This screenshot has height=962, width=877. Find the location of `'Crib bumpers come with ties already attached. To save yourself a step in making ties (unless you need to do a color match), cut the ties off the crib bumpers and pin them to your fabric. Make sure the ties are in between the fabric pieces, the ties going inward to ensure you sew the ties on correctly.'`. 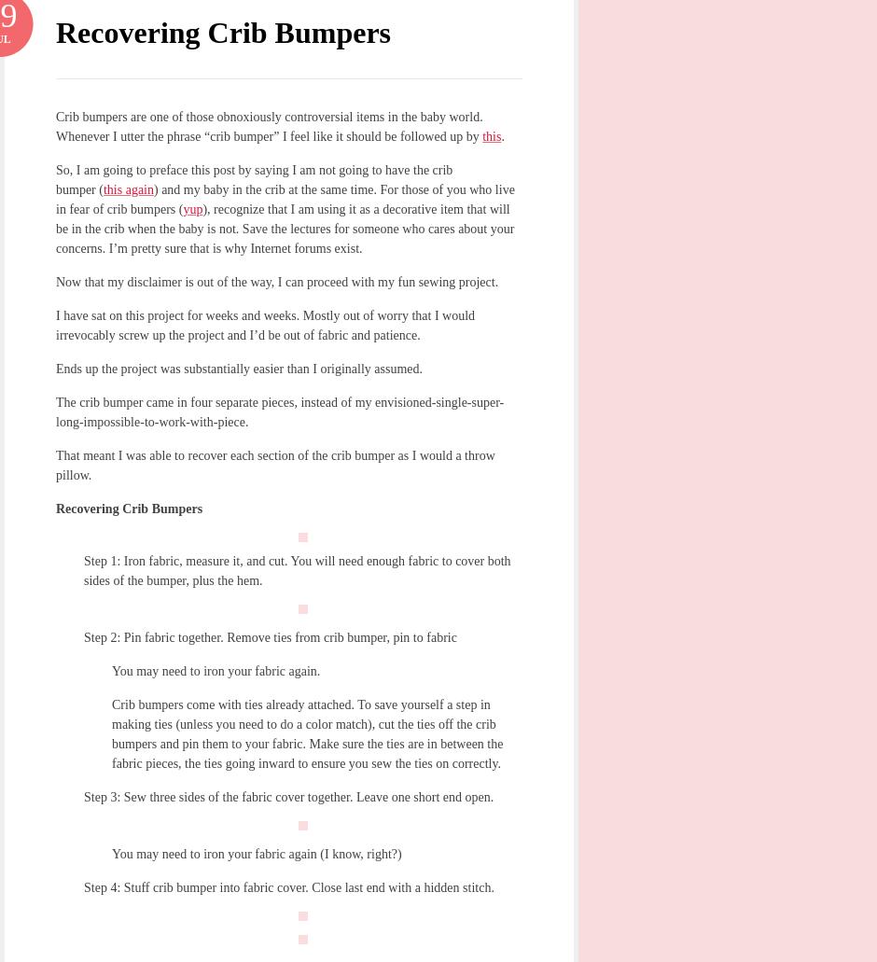

'Crib bumpers come with ties already attached. To save yourself a step in making ties (unless you need to do a color match), cut the ties off the crib bumpers and pin them to your fabric. Make sure the ties are in between the fabric pieces, the ties going inward to ensure you sew the ties on correctly.' is located at coordinates (307, 732).